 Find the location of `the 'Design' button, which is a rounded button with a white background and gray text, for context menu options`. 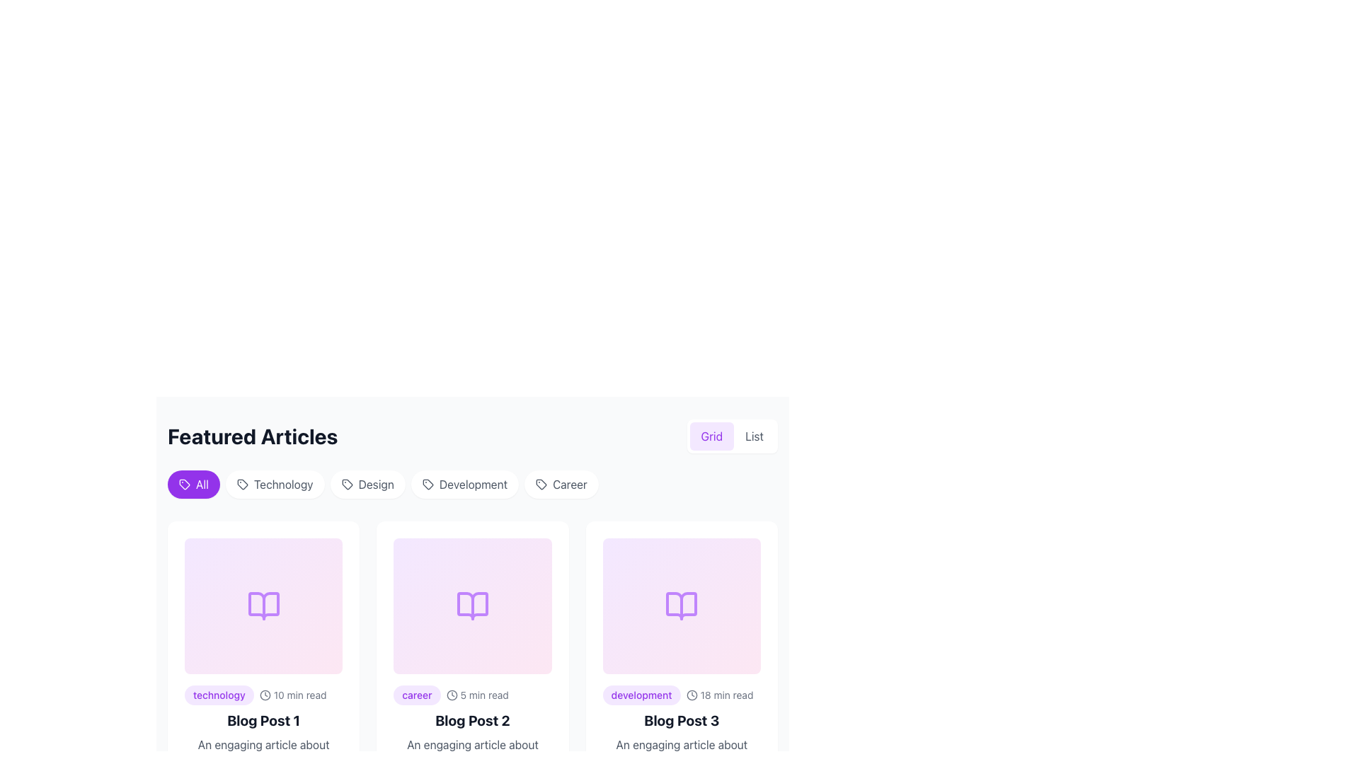

the 'Design' button, which is a rounded button with a white background and gray text, for context menu options is located at coordinates (367, 484).